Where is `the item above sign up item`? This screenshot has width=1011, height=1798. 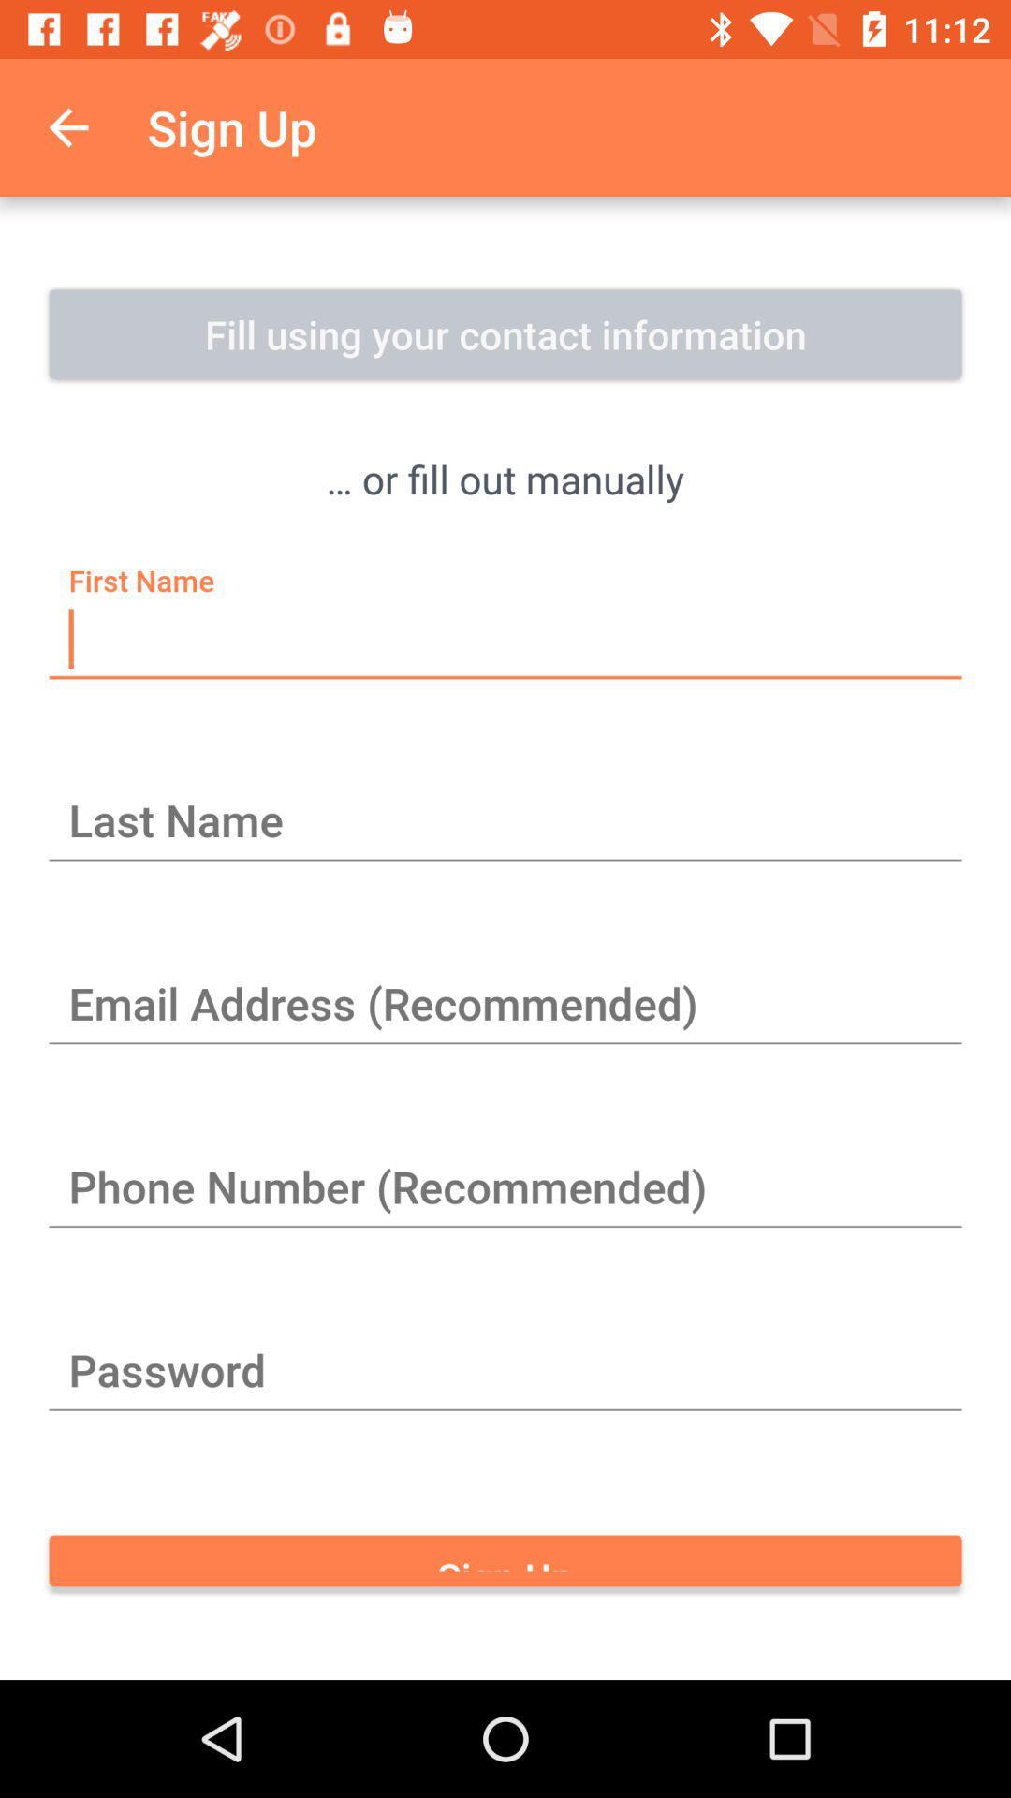
the item above sign up item is located at coordinates (505, 1373).